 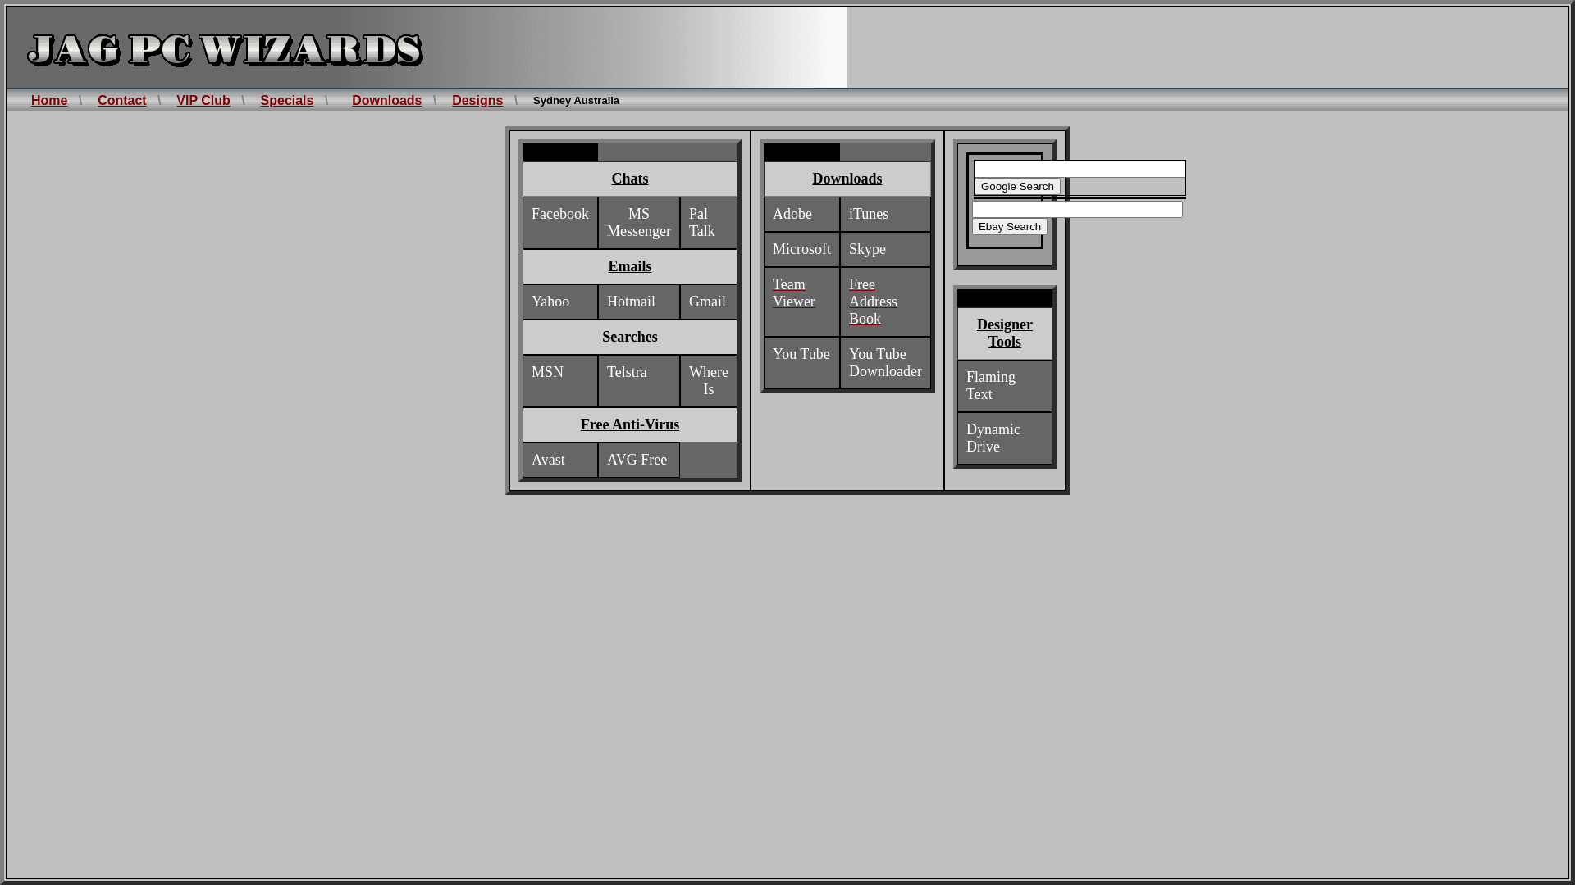 I want to click on 'iTunes', so click(x=849, y=213).